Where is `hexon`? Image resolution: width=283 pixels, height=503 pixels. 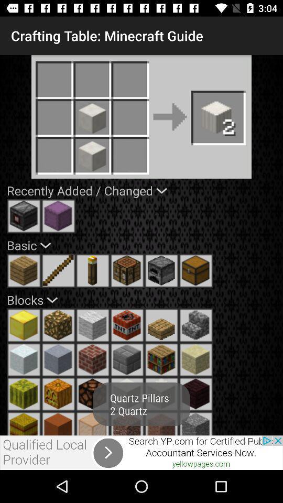 hexon is located at coordinates (196, 393).